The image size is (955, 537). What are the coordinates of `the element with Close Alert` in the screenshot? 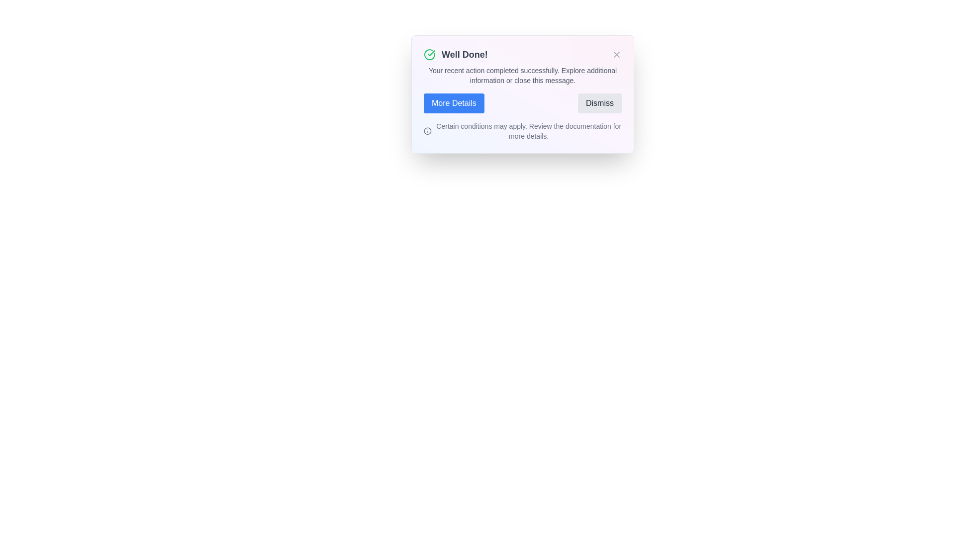 It's located at (616, 55).